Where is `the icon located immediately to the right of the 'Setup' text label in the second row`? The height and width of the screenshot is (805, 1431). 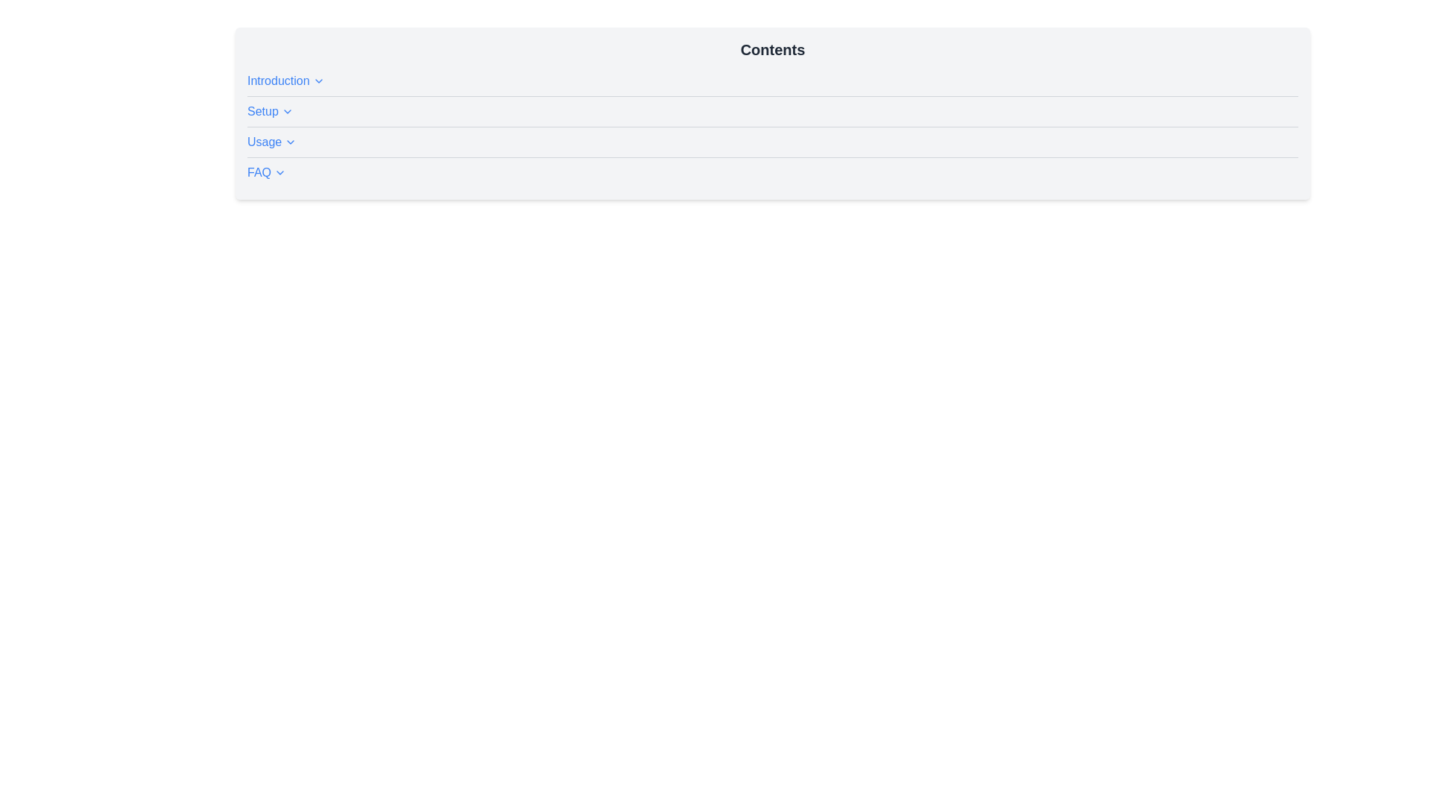
the icon located immediately to the right of the 'Setup' text label in the second row is located at coordinates (287, 111).